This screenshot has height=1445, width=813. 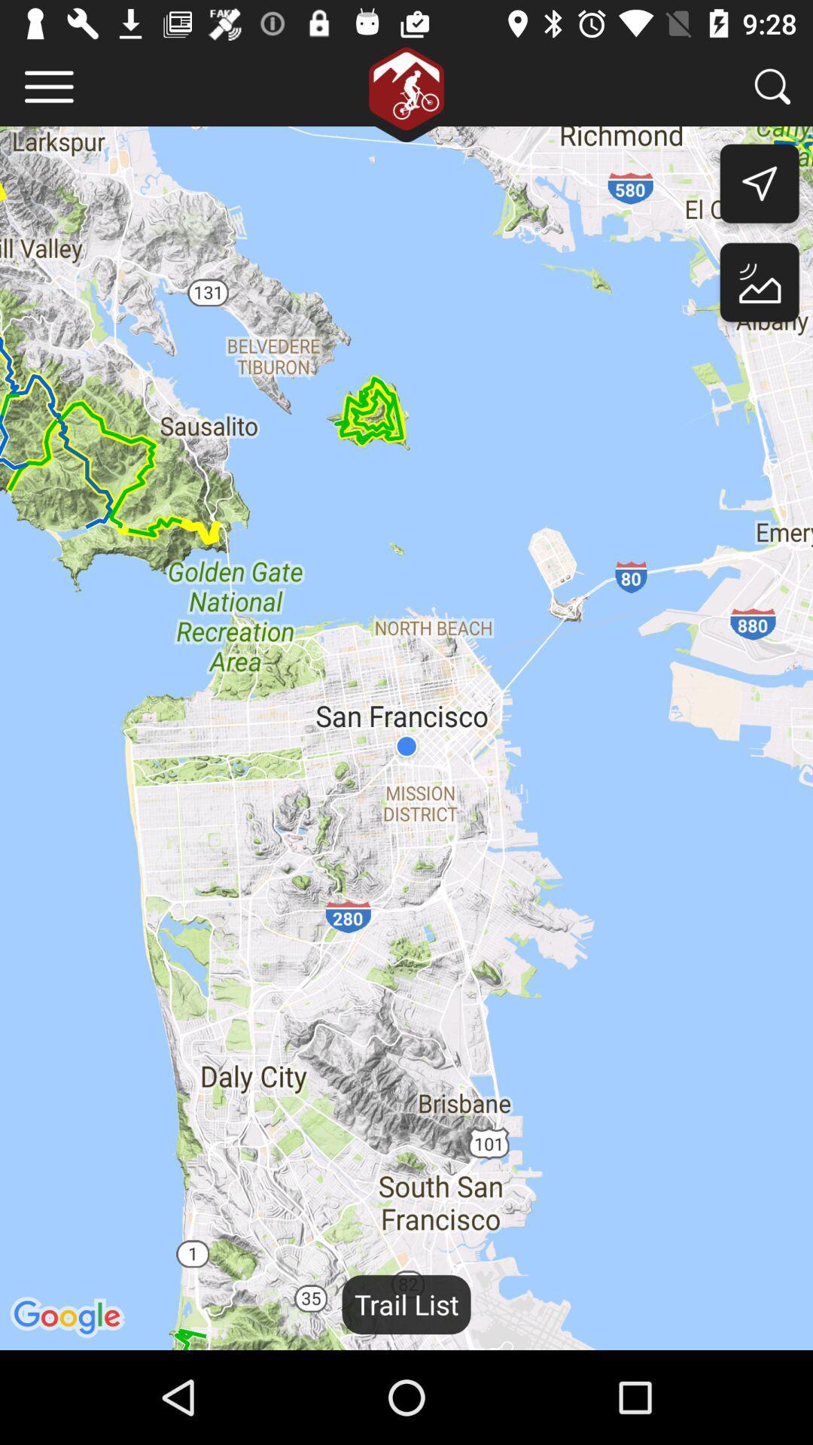 I want to click on the trail list, so click(x=406, y=1304).